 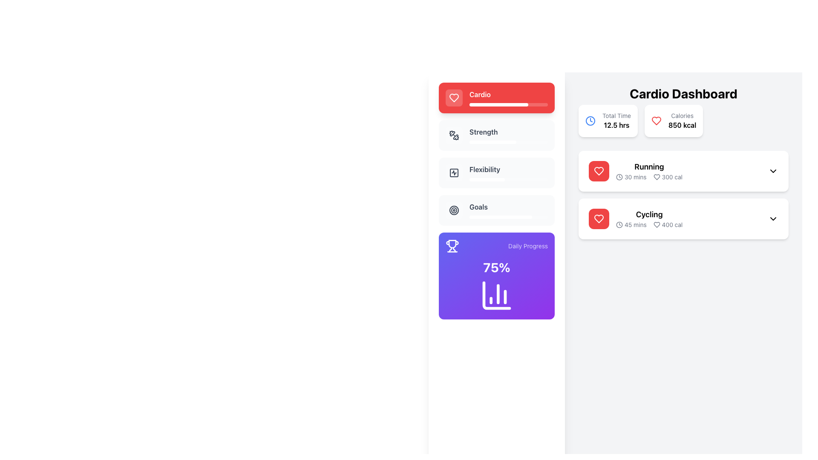 I want to click on the small, angled line structure resembling a stylized 'zig-zag' or lightning bolt pattern within the SVG icon in the sidebar, so click(x=453, y=172).